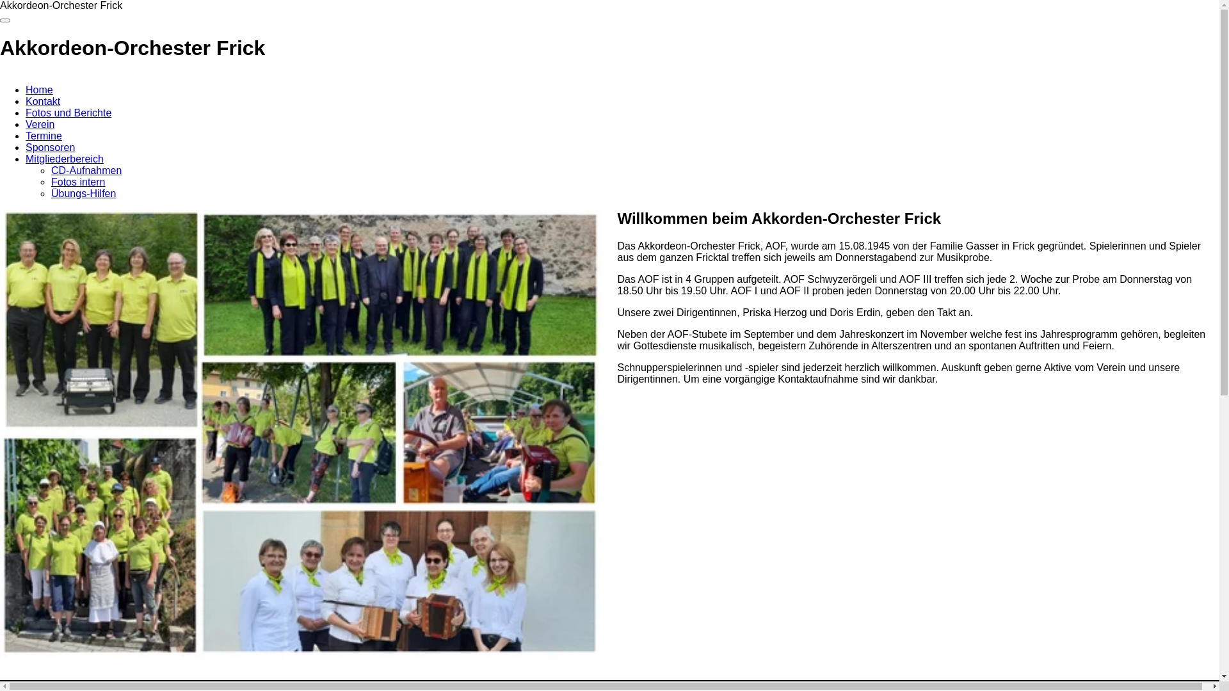 This screenshot has height=691, width=1229. I want to click on 'Fotos und Berichte', so click(25, 112).